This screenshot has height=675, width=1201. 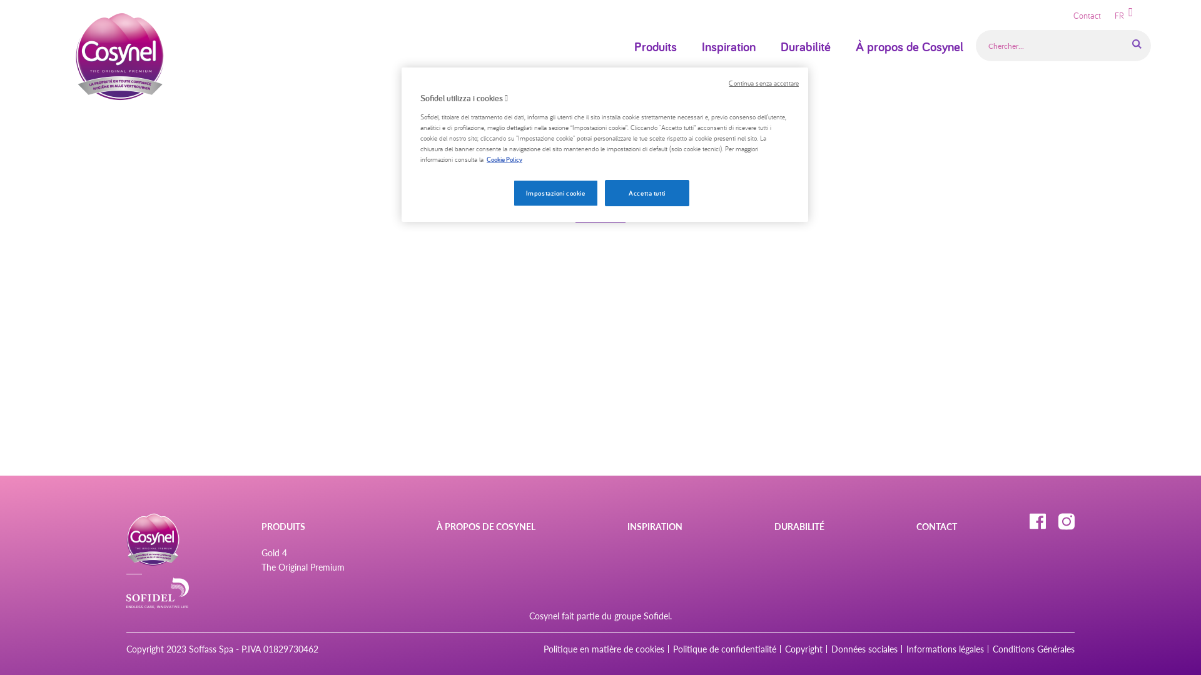 I want to click on 'Copyright', so click(x=804, y=648).